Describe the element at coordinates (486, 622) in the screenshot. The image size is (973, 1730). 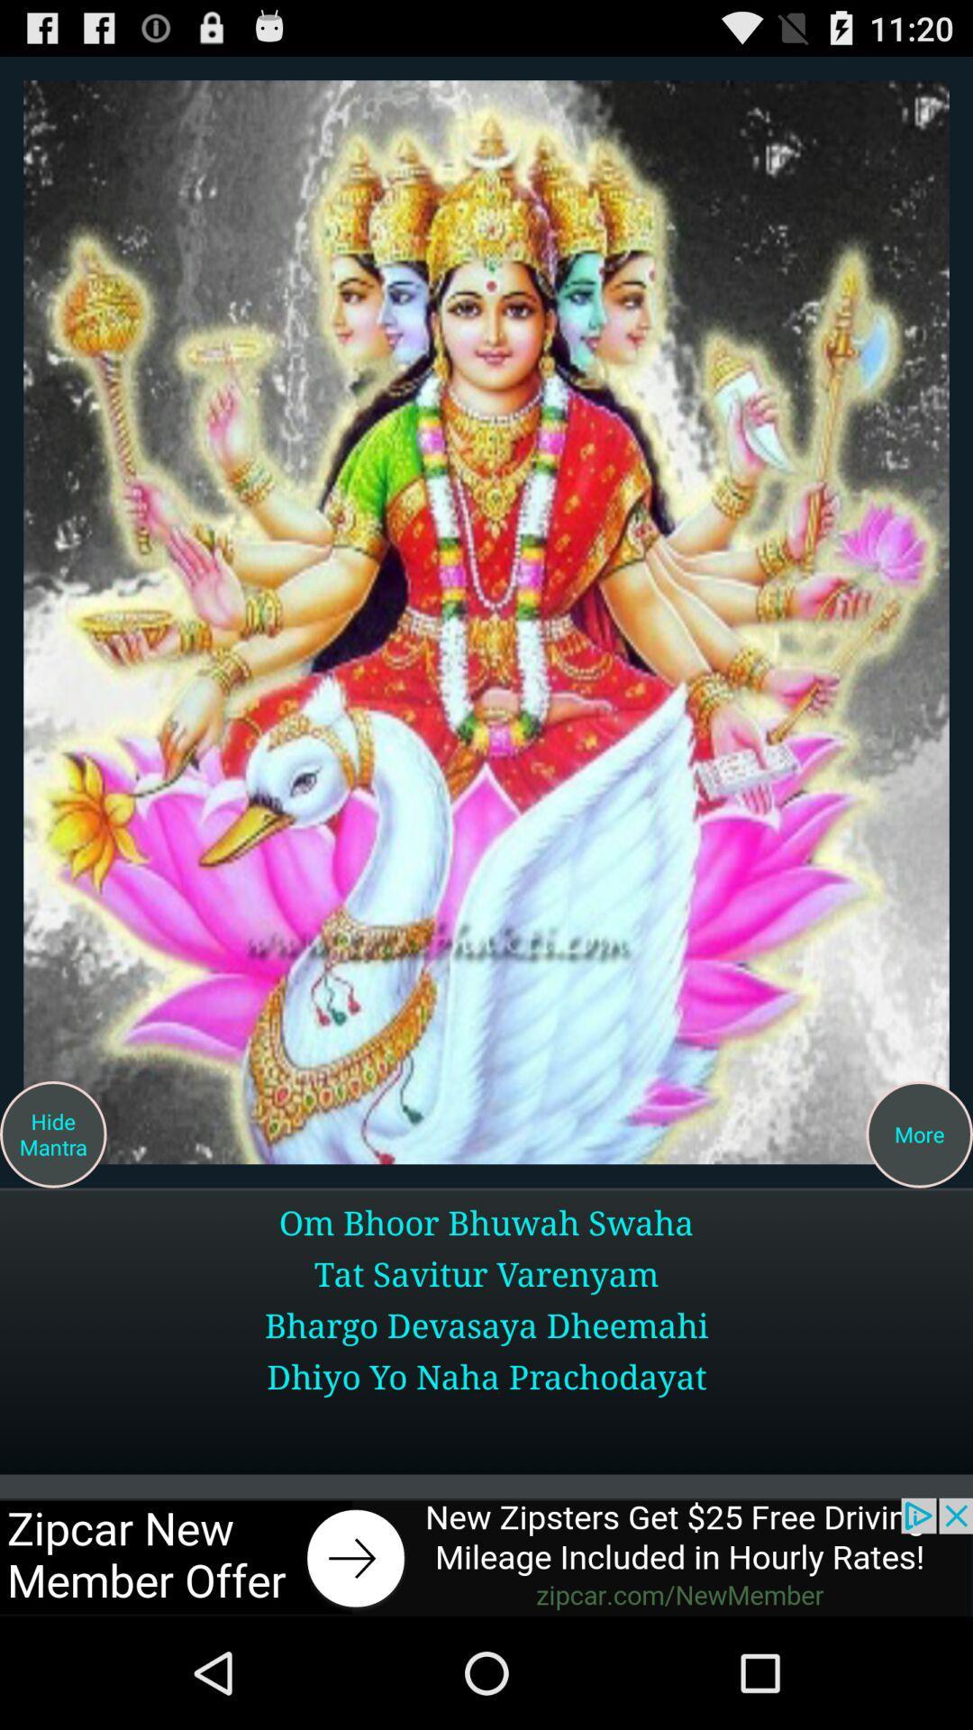
I see `advertisement` at that location.